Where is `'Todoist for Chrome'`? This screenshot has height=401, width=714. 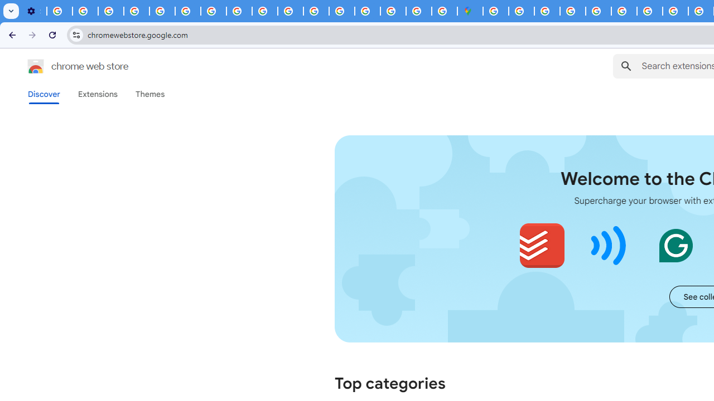
'Todoist for Chrome' is located at coordinates (542, 245).